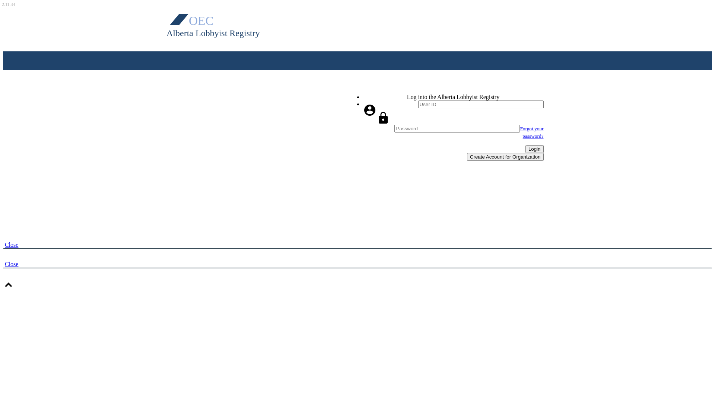  What do you see at coordinates (534, 149) in the screenshot?
I see `'Login'` at bounding box center [534, 149].